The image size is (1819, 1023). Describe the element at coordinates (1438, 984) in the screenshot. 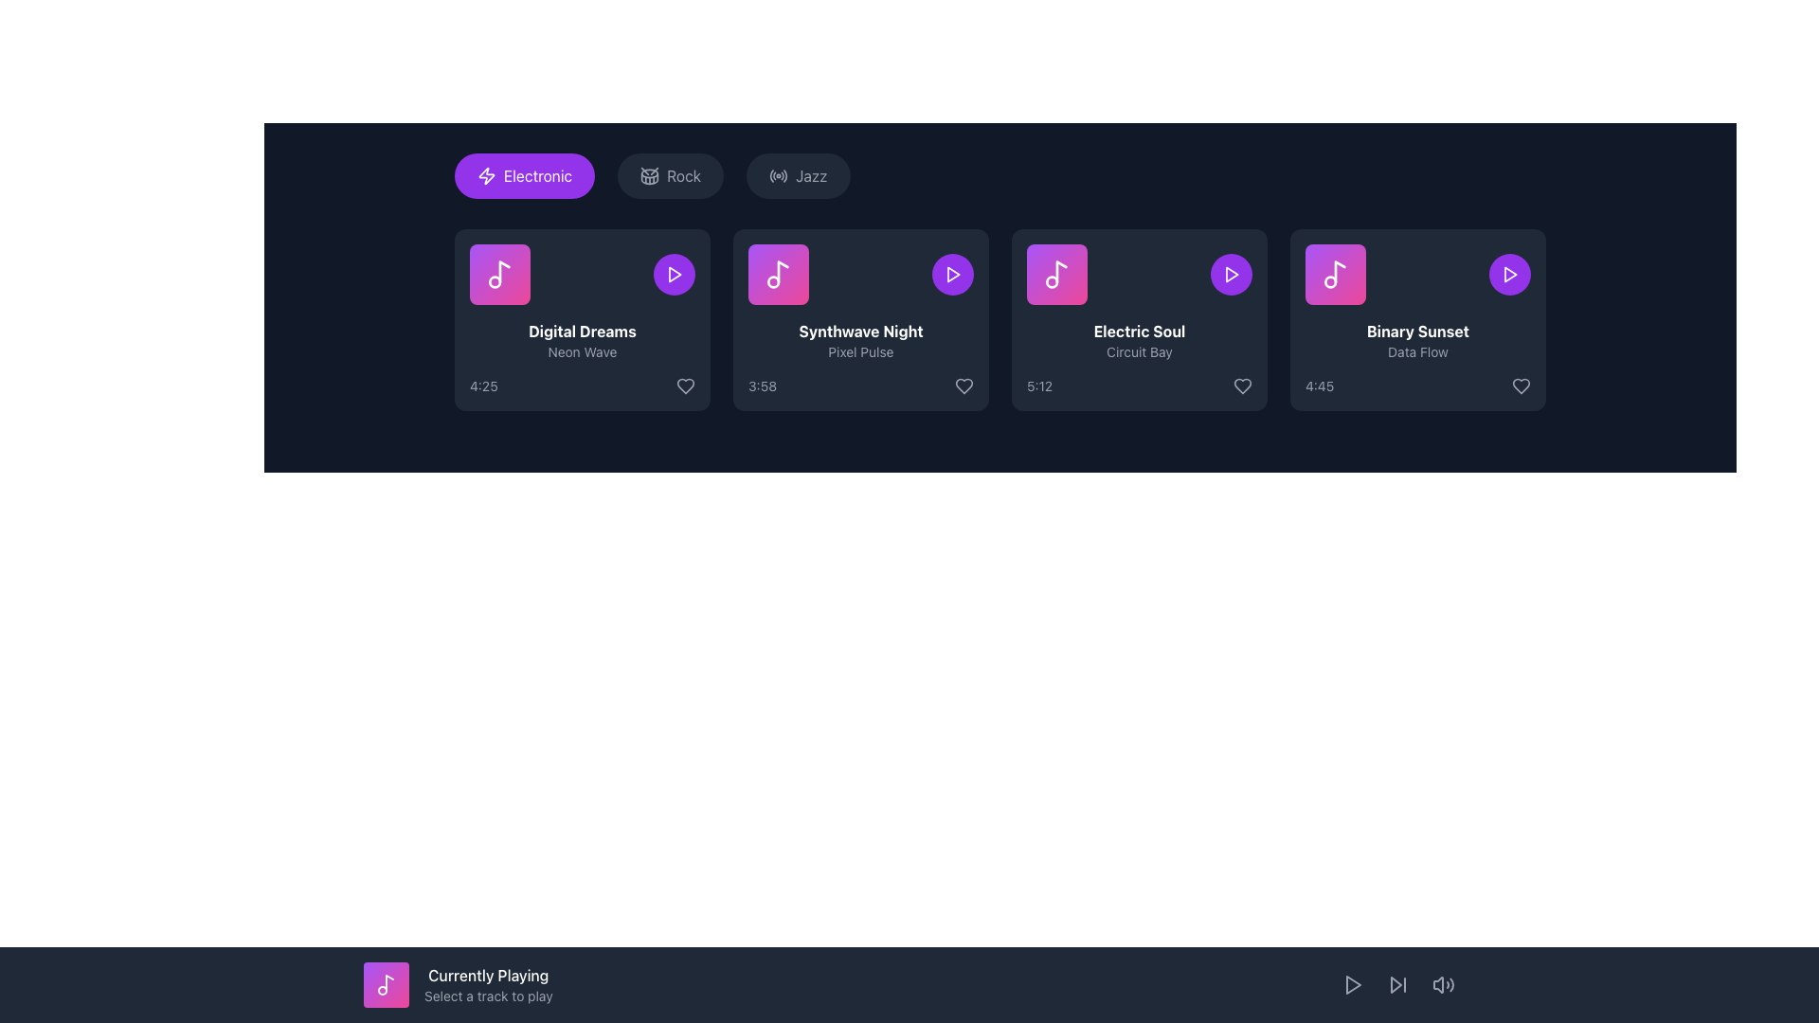

I see `the speaker icon element in the volume control feature located in the bottom-right corner of the interface` at that location.